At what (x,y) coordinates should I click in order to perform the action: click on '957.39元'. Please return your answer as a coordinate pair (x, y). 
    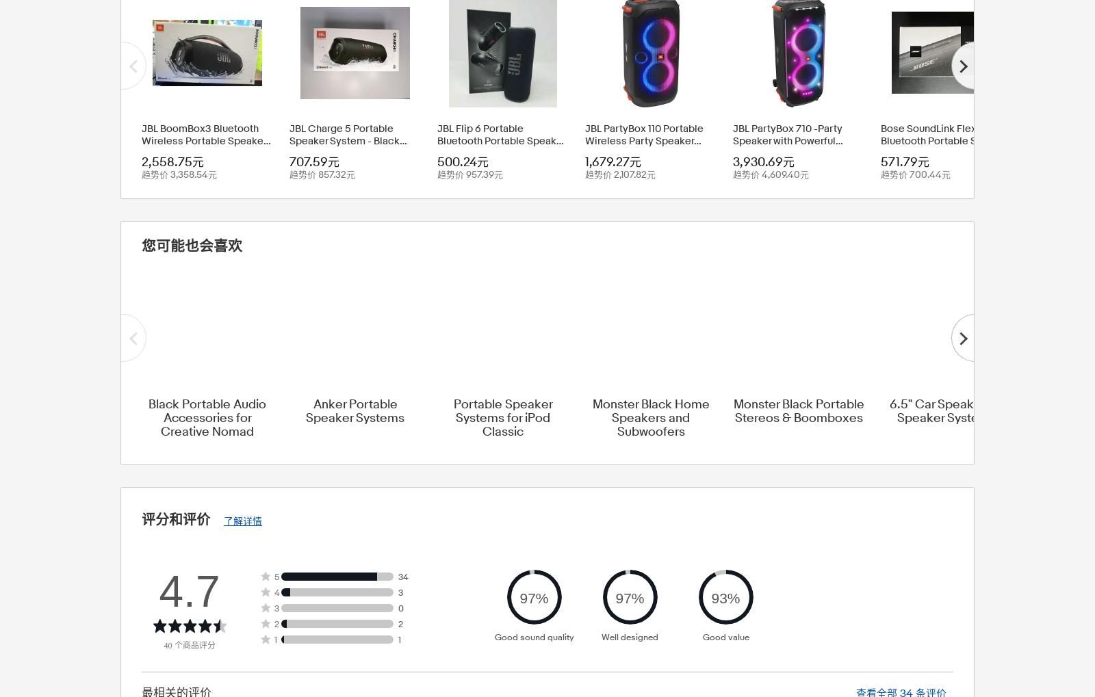
    Looking at the image, I should click on (485, 174).